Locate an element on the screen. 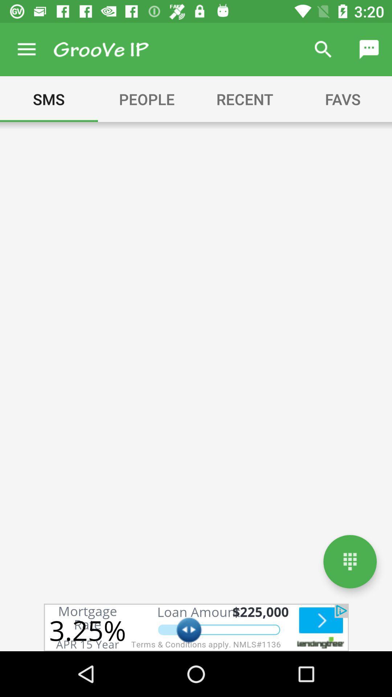  the dialpad icon is located at coordinates (350, 561).